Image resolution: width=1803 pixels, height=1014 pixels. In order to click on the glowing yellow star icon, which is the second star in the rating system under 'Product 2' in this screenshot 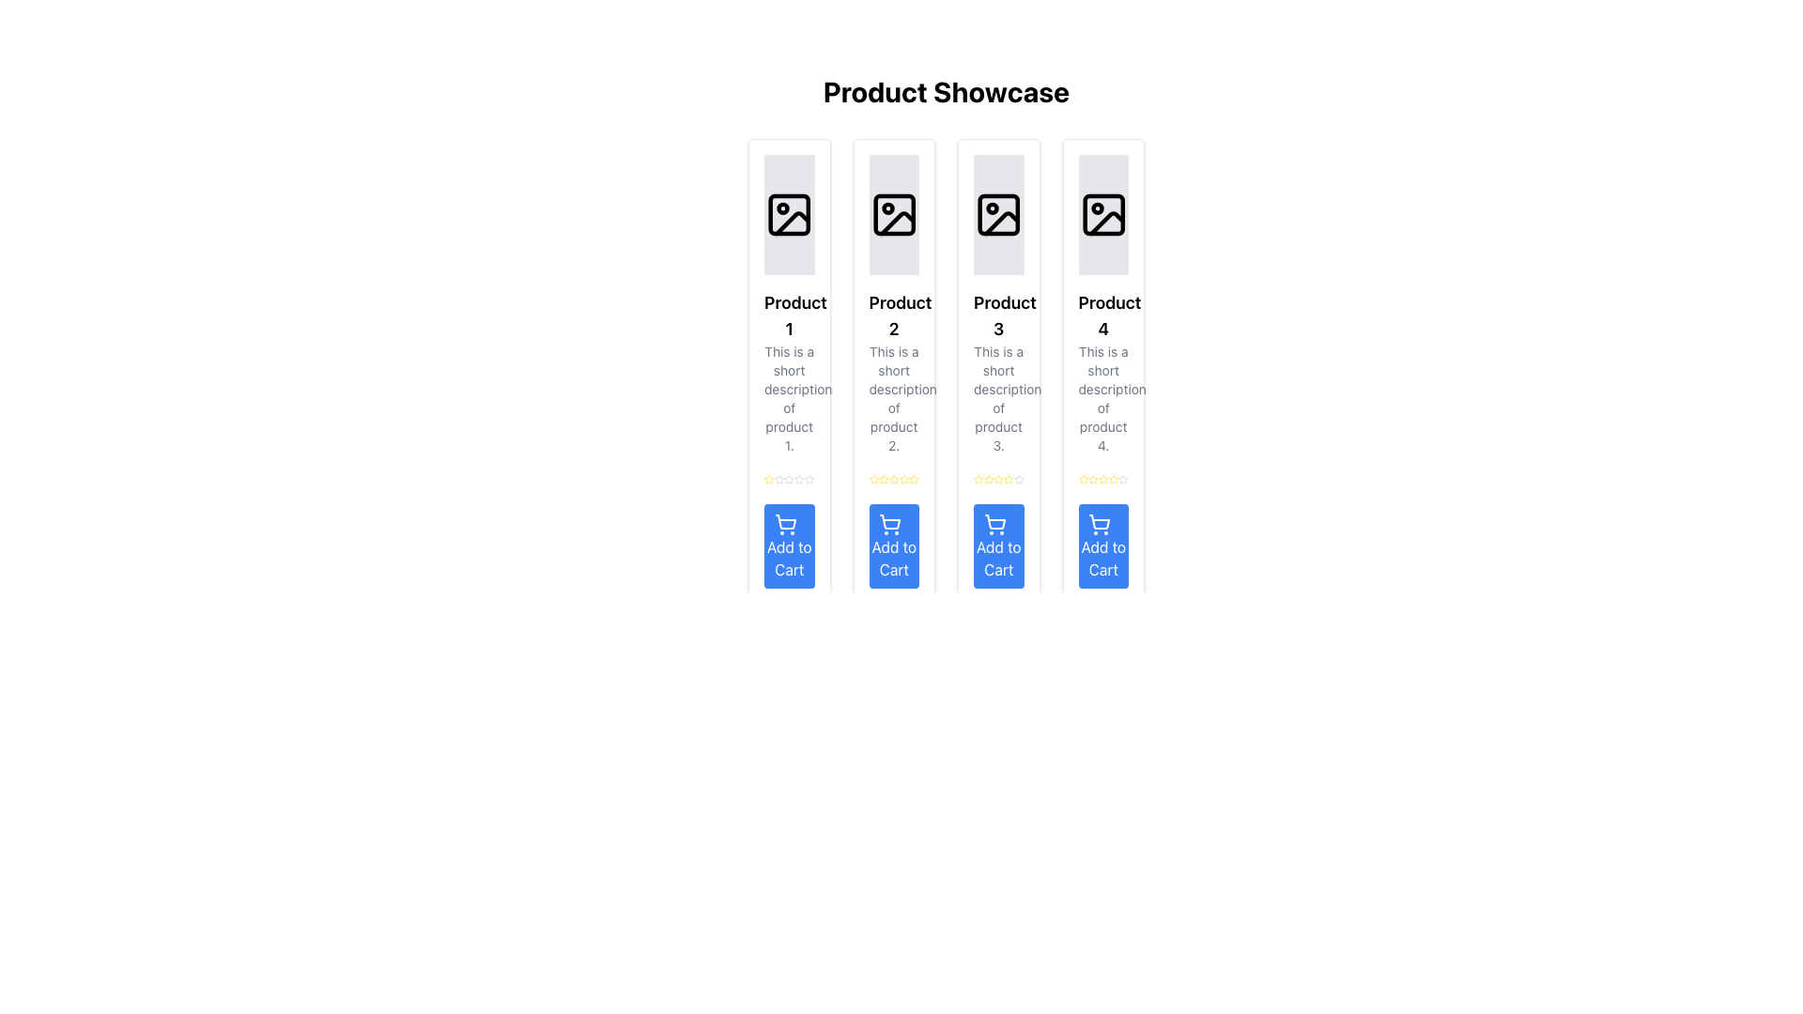, I will do `click(883, 478)`.